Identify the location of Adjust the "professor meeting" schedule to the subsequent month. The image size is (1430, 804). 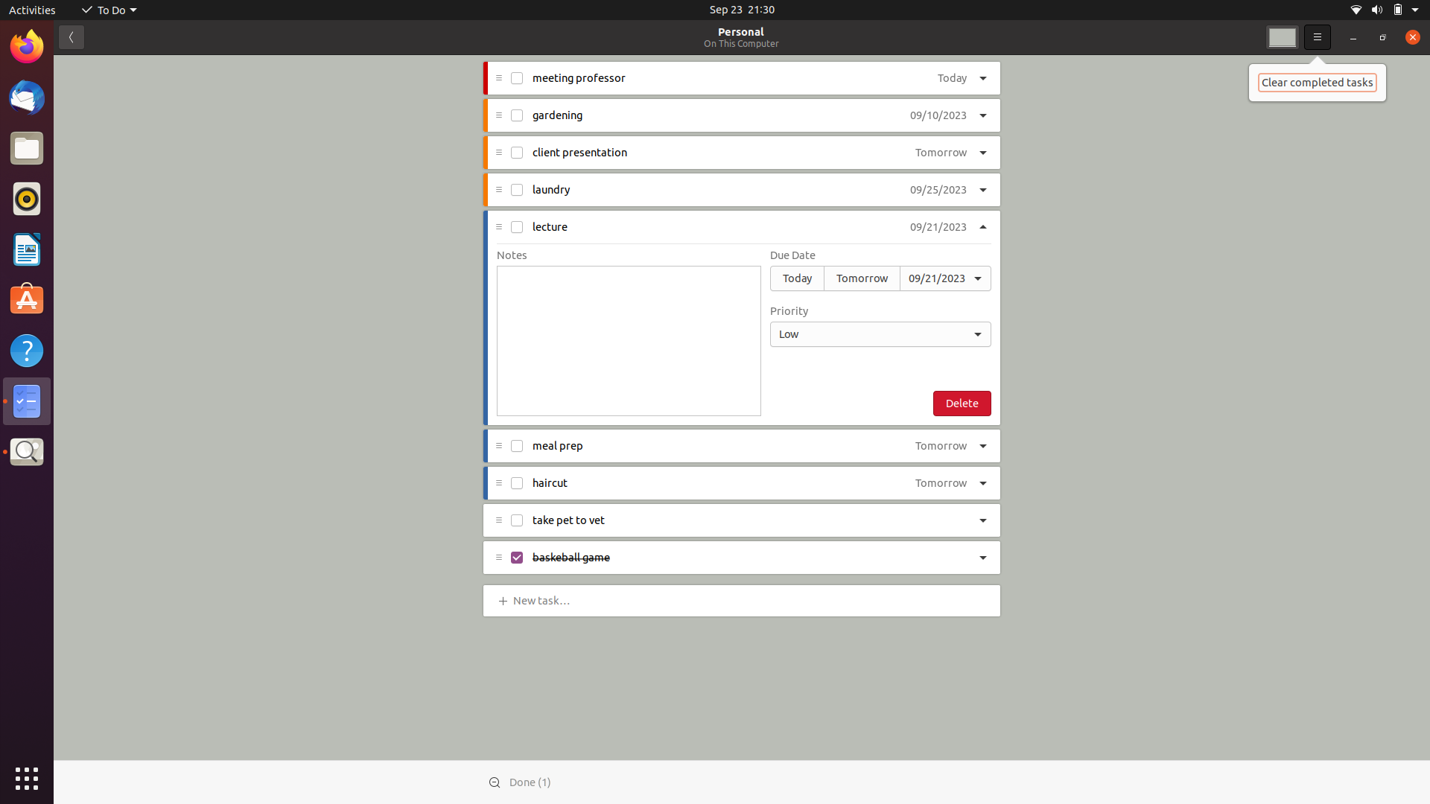
(947, 80).